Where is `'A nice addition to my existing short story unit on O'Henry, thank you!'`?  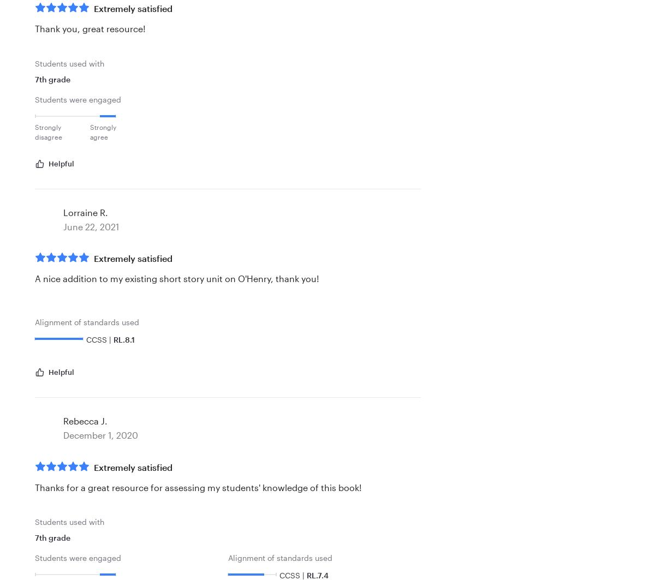
'A nice addition to my existing short story unit on O'Henry, thank you!' is located at coordinates (177, 278).